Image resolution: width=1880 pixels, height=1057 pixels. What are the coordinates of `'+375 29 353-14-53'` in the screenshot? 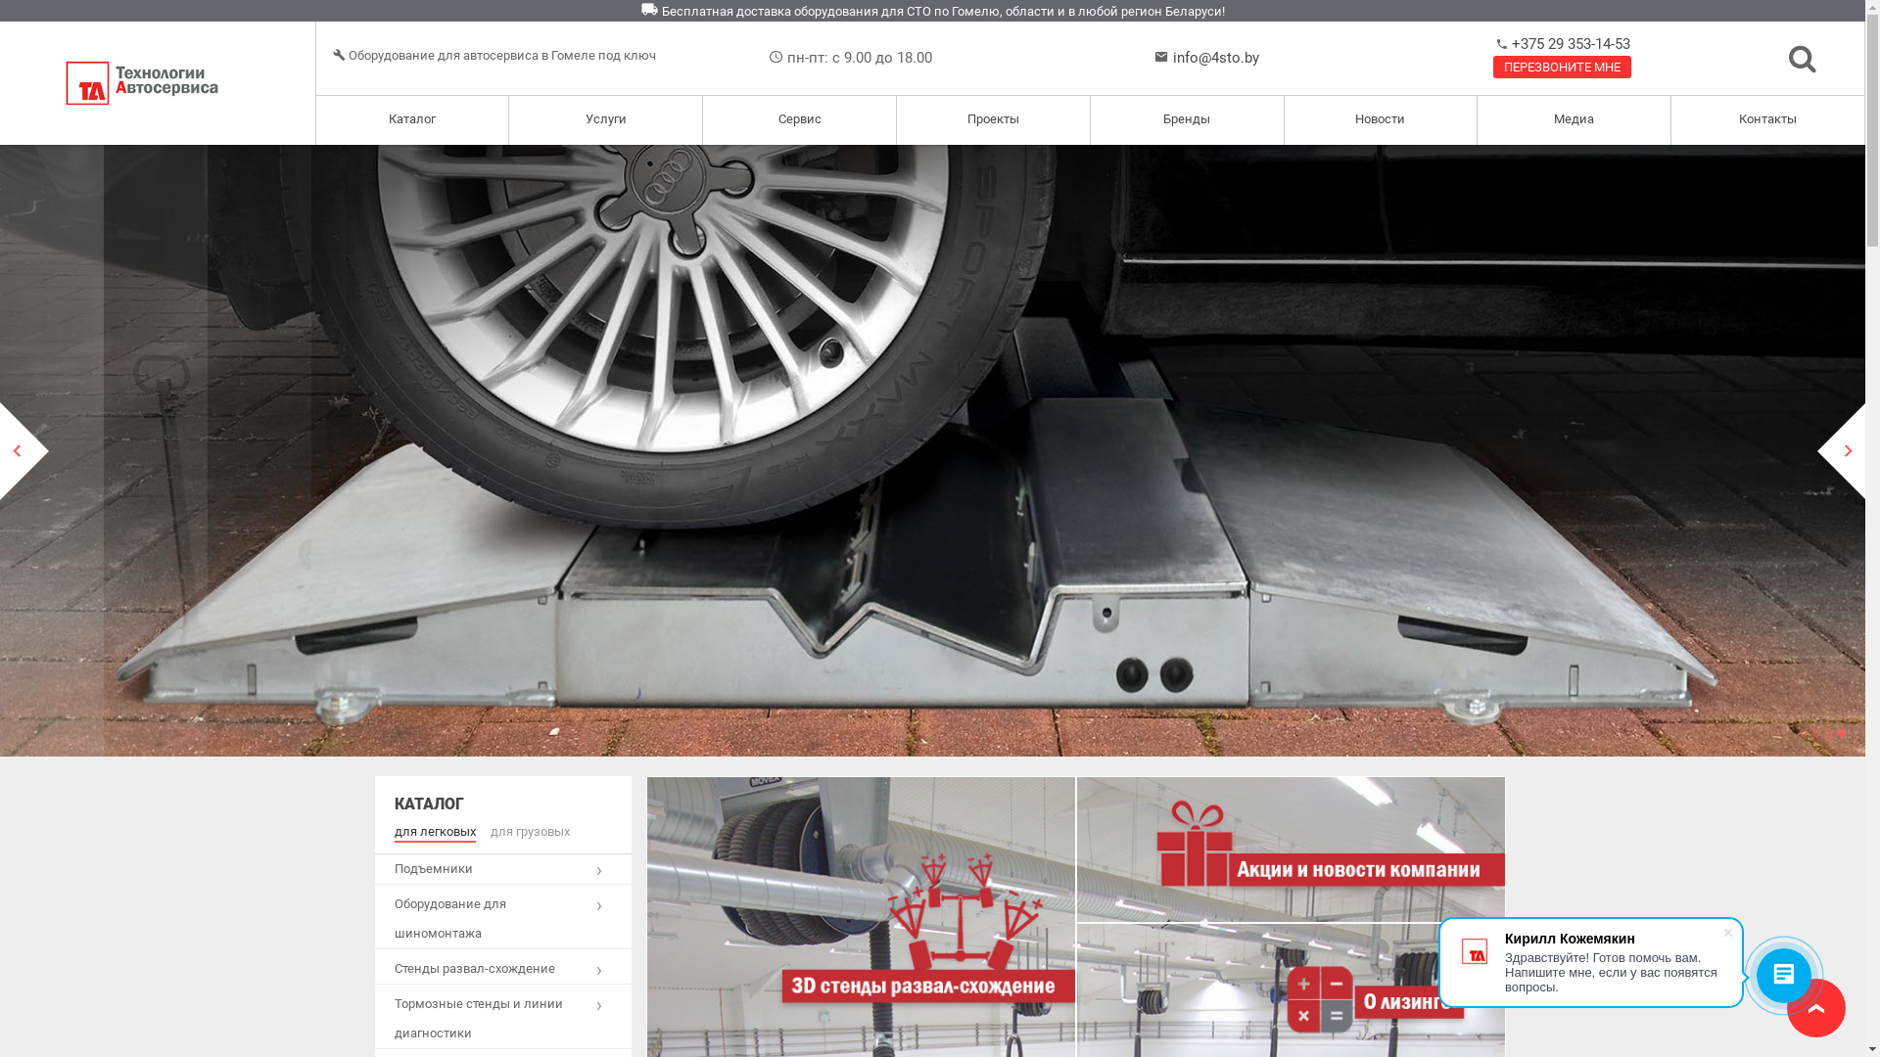 It's located at (1507, 44).